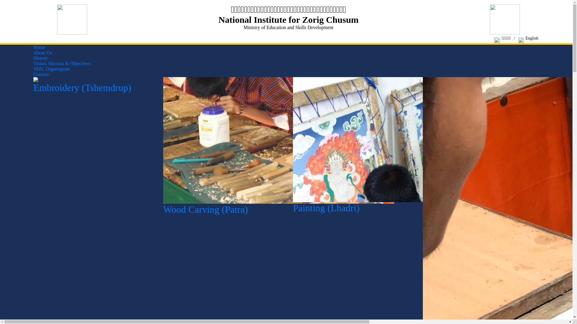 This screenshot has height=324, width=577. I want to click on 'About Us', so click(42, 52).